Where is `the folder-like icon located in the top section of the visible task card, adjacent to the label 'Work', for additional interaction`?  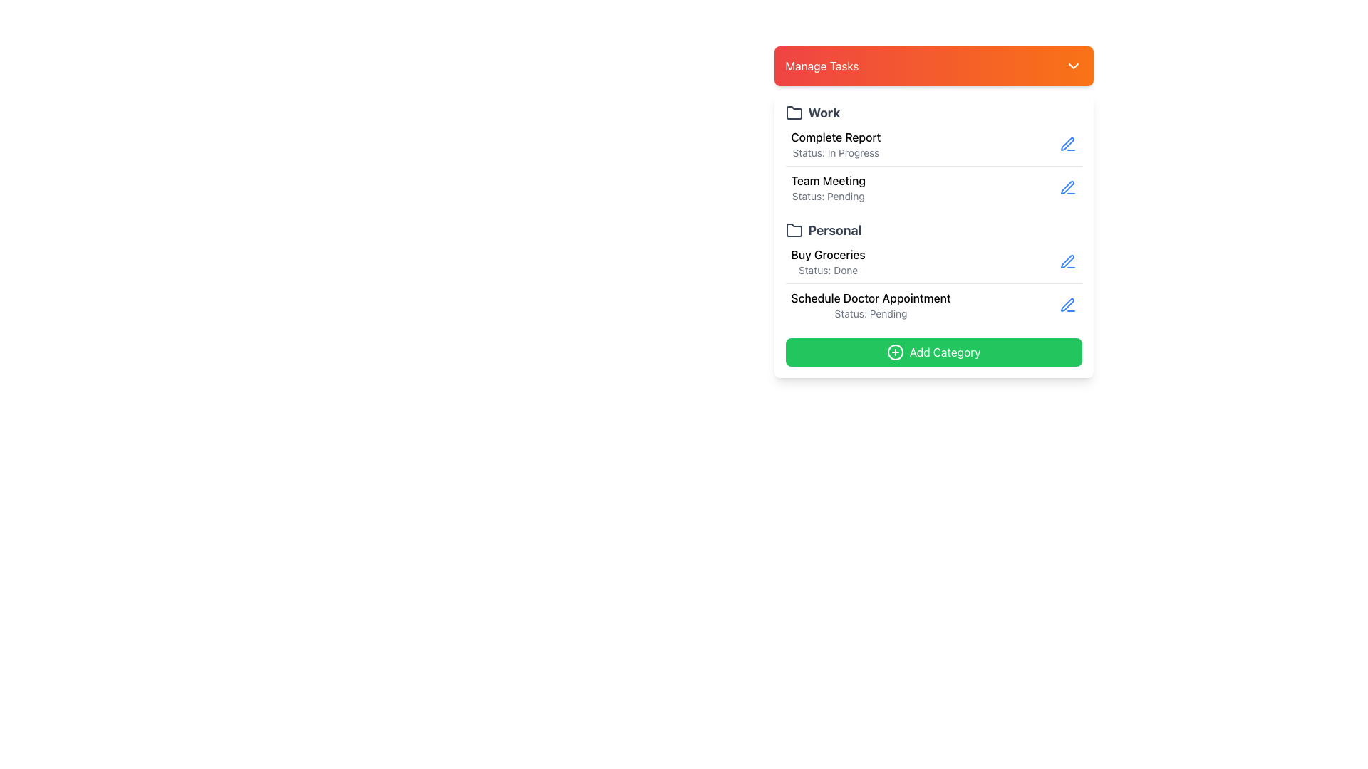
the folder-like icon located in the top section of the visible task card, adjacent to the label 'Work', for additional interaction is located at coordinates (793, 112).